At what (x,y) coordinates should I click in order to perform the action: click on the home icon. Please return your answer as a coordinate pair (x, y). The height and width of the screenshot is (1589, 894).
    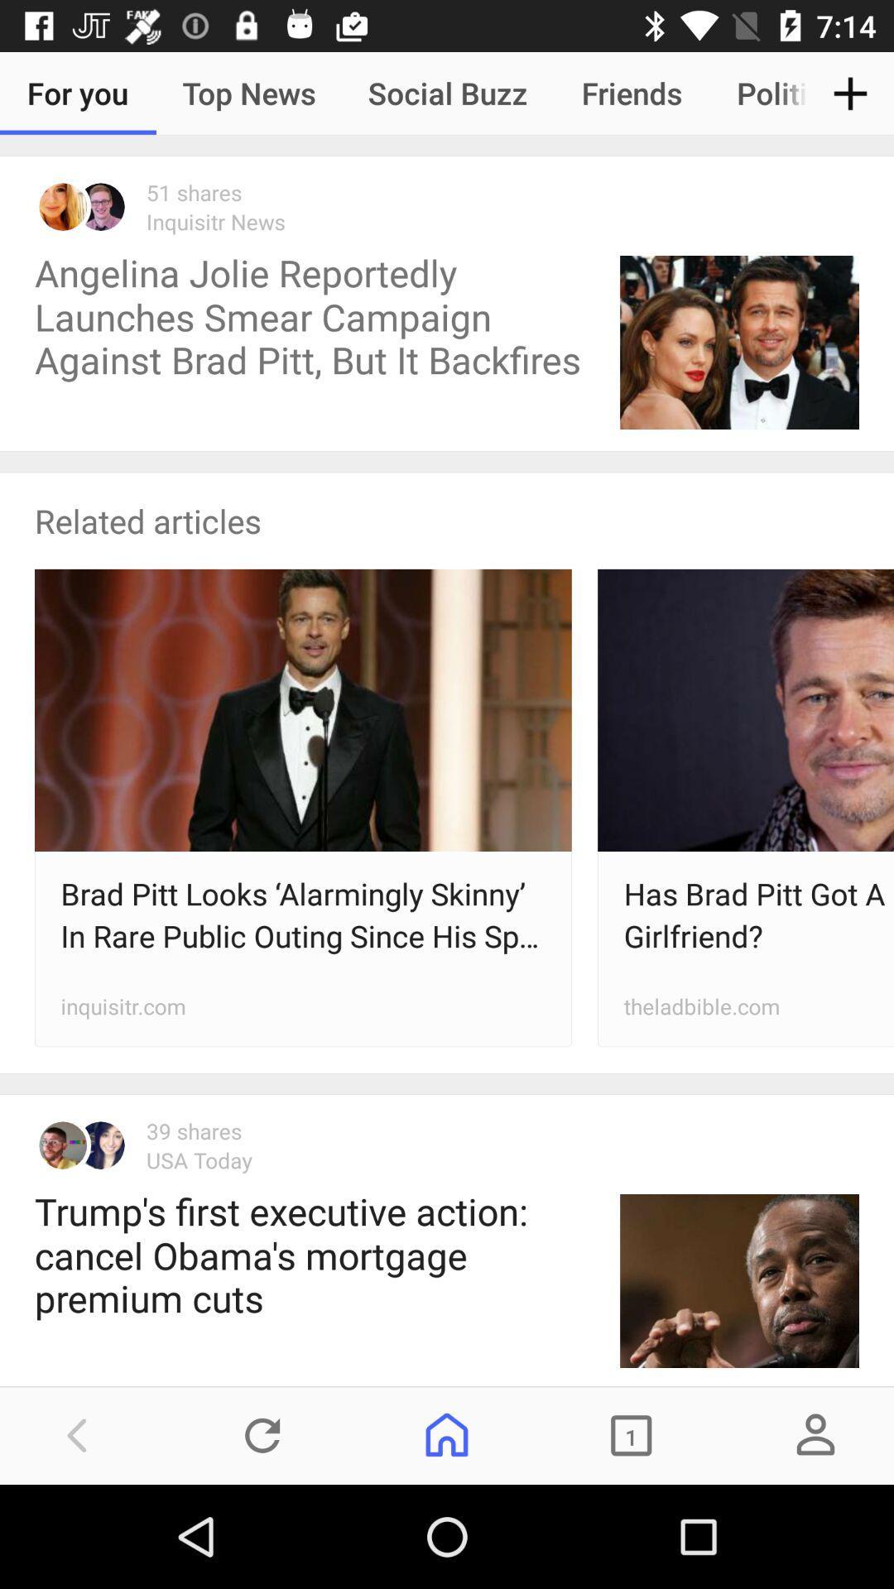
    Looking at the image, I should click on (447, 1434).